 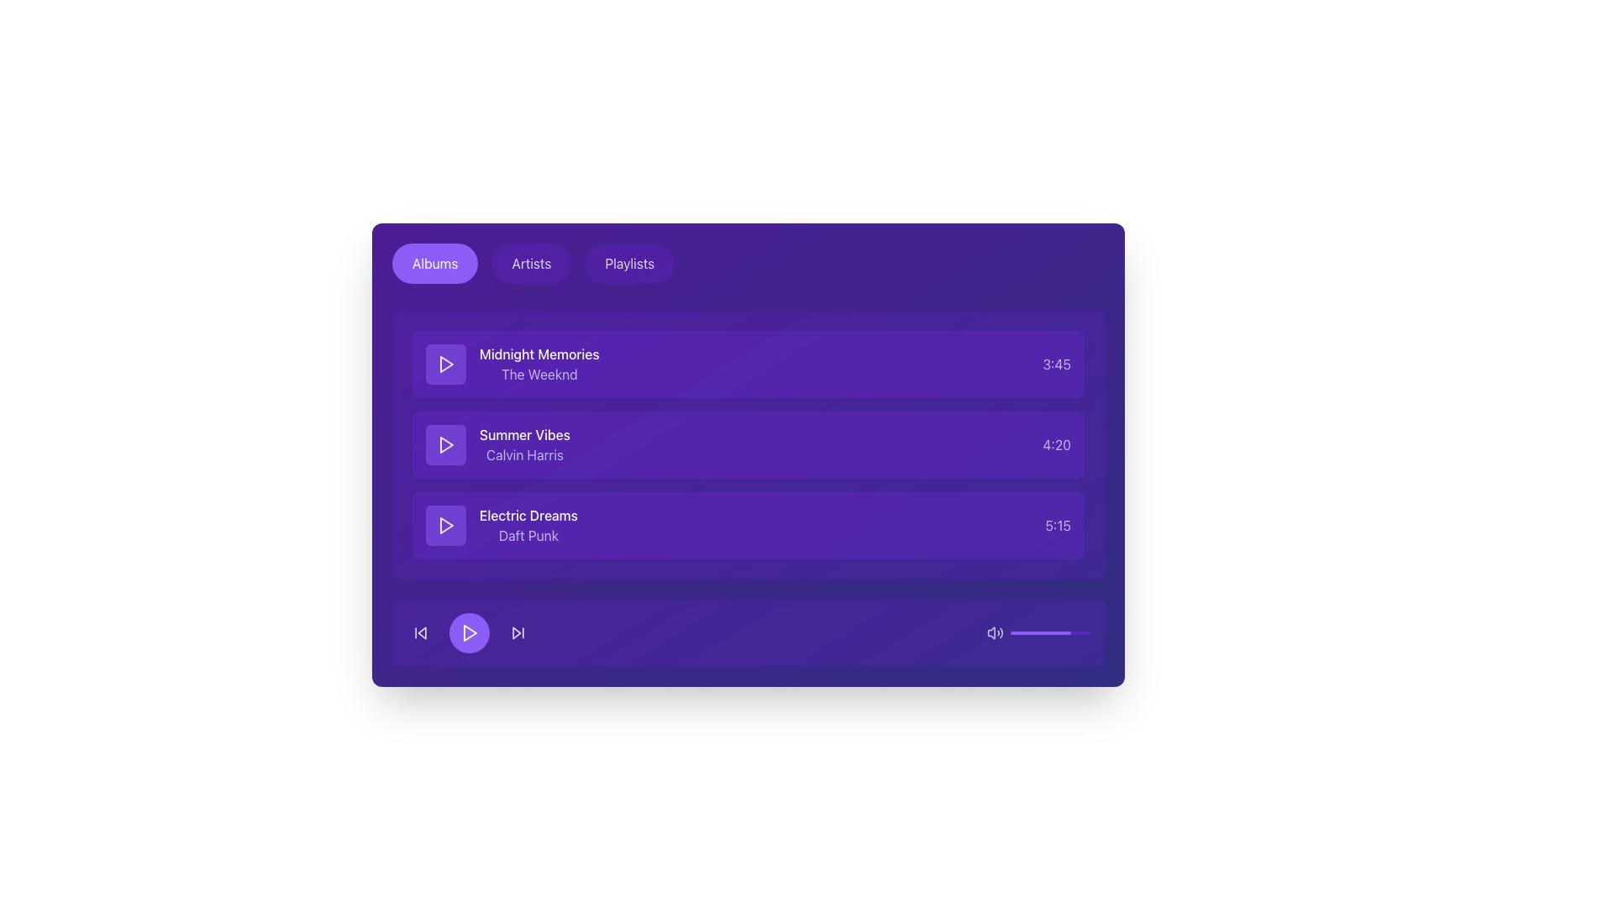 What do you see at coordinates (1065, 632) in the screenshot?
I see `the volume level` at bounding box center [1065, 632].